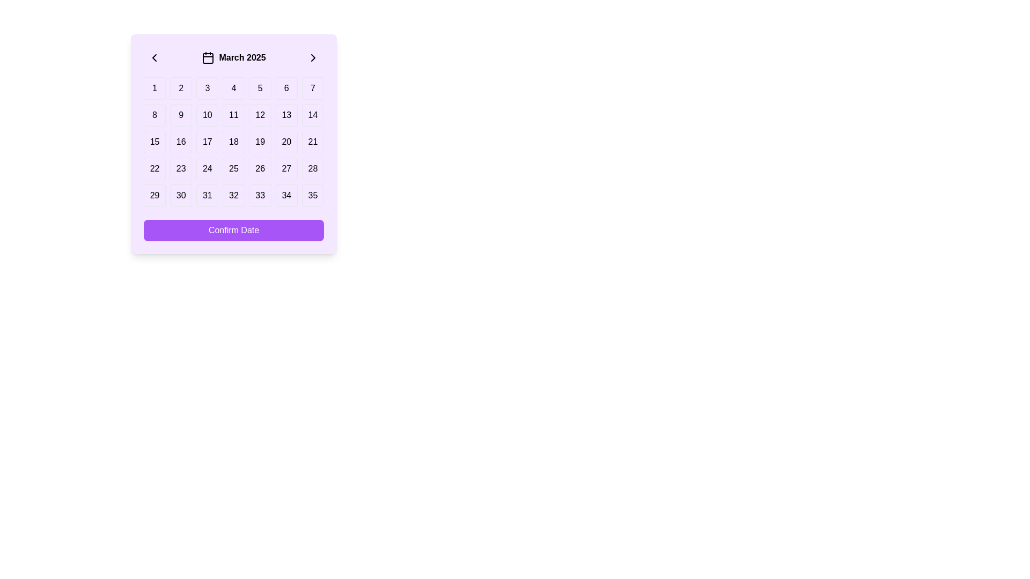  What do you see at coordinates (233, 142) in the screenshot?
I see `the calendar cell containing the number '18' in the third row and fourth column of the March 2025 grid` at bounding box center [233, 142].